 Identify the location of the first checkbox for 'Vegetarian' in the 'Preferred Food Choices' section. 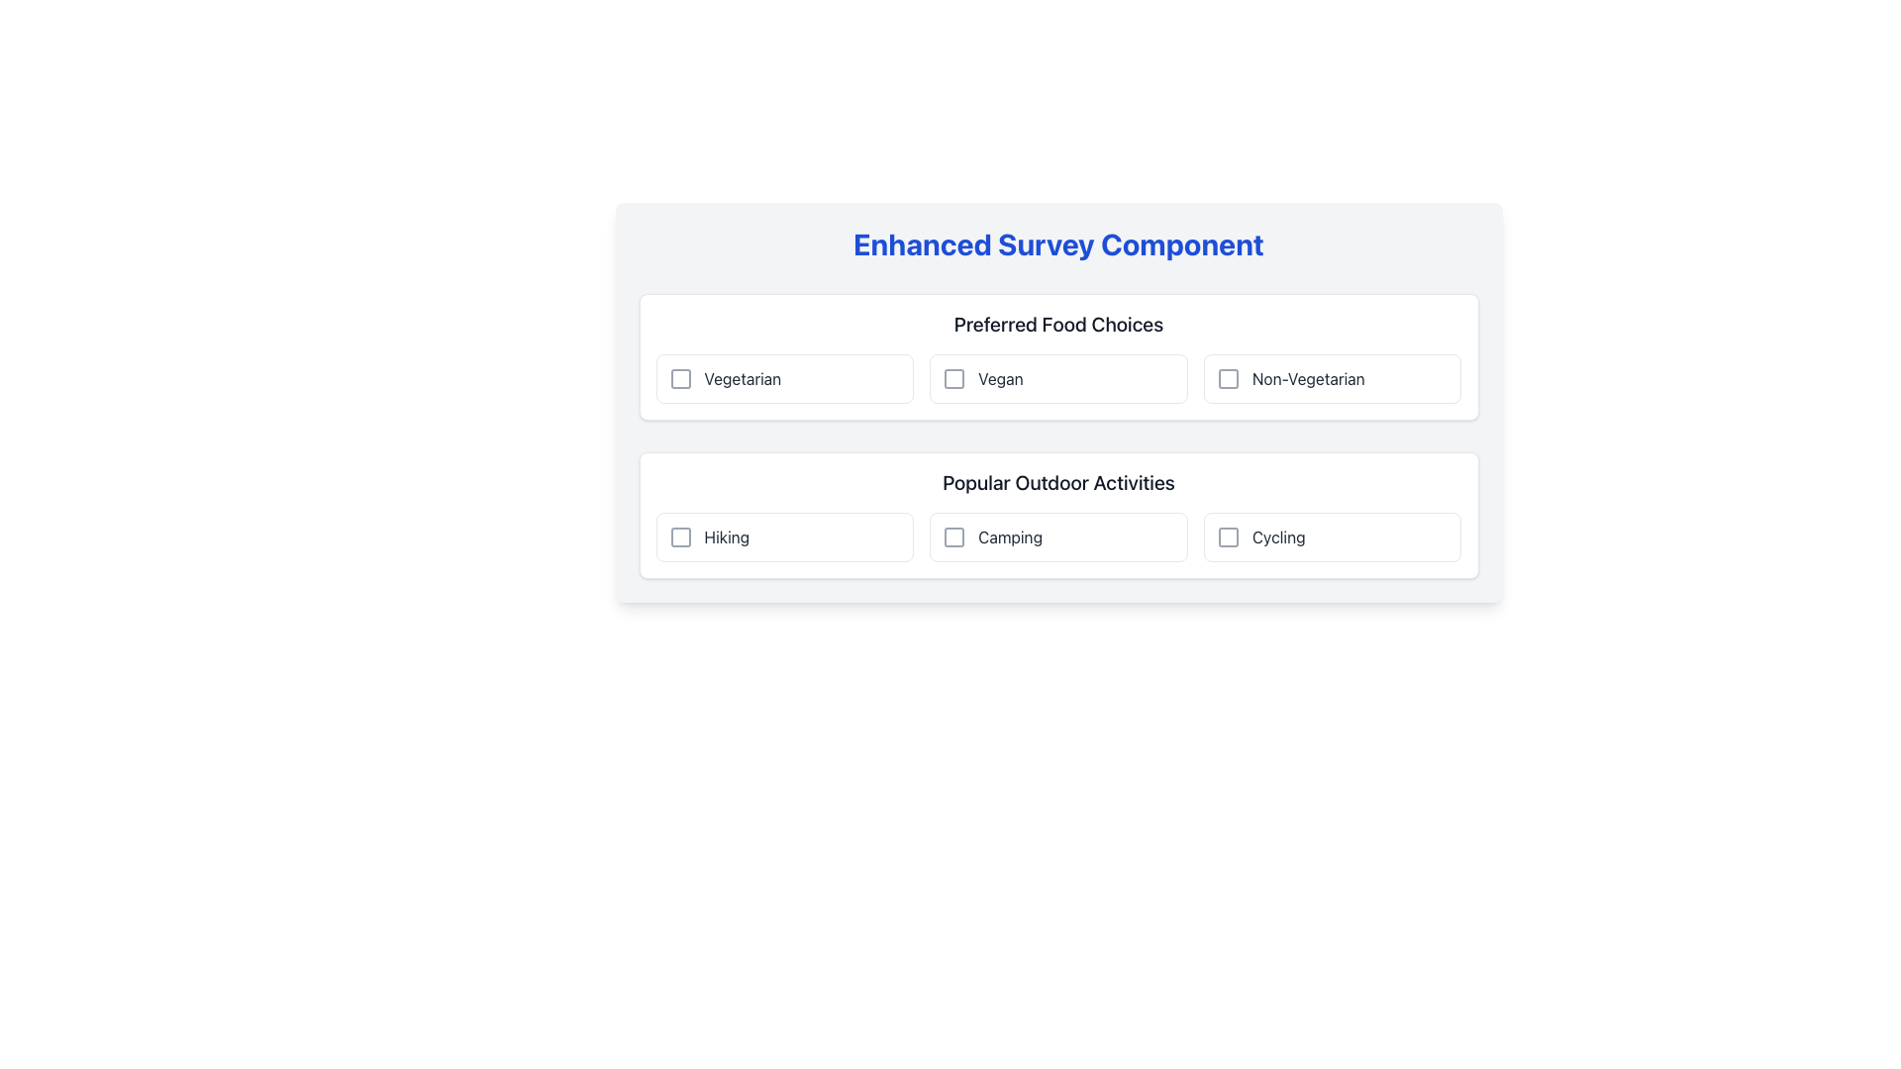
(680, 378).